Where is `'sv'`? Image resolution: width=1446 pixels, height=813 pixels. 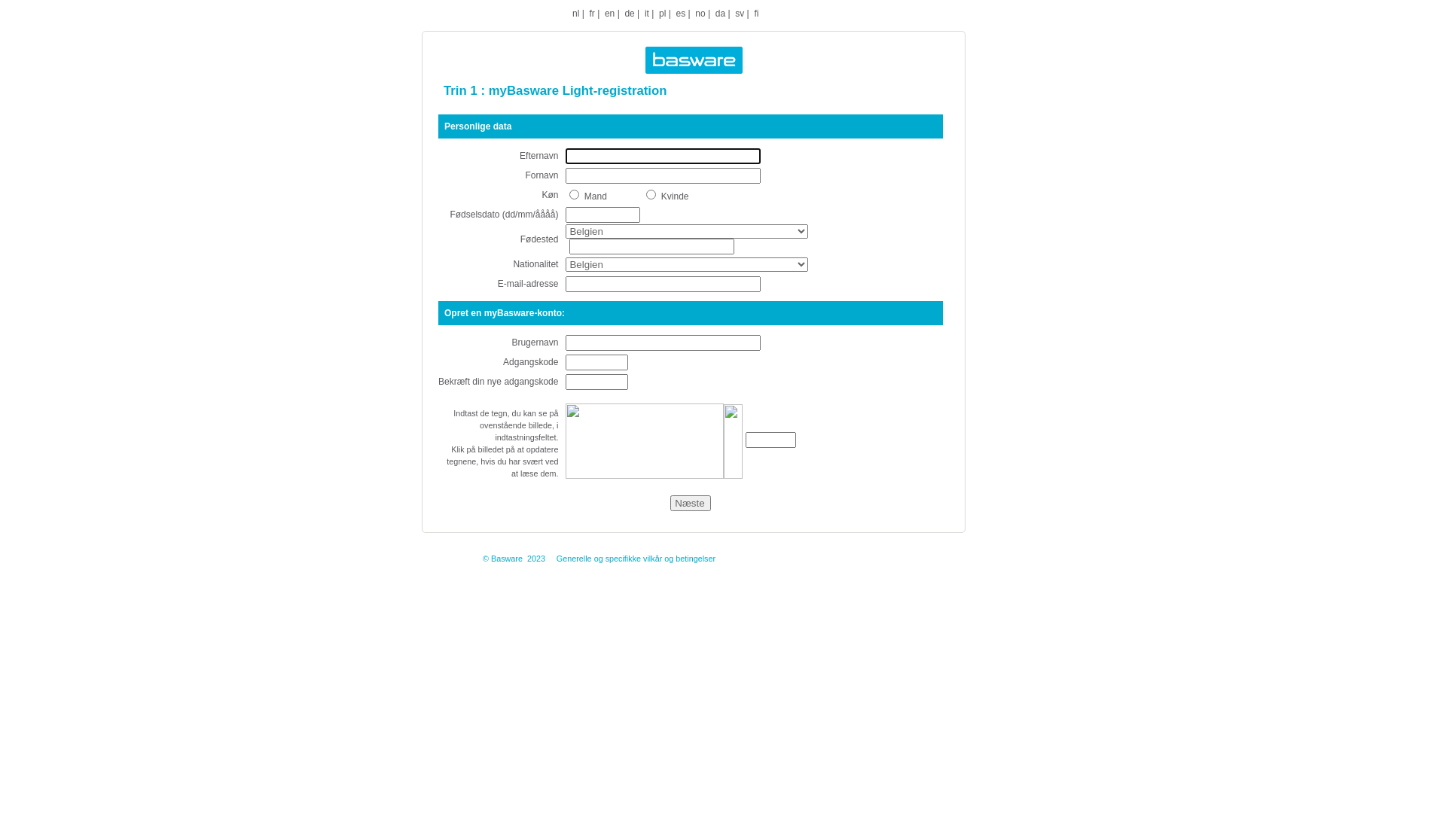
'sv' is located at coordinates (740, 14).